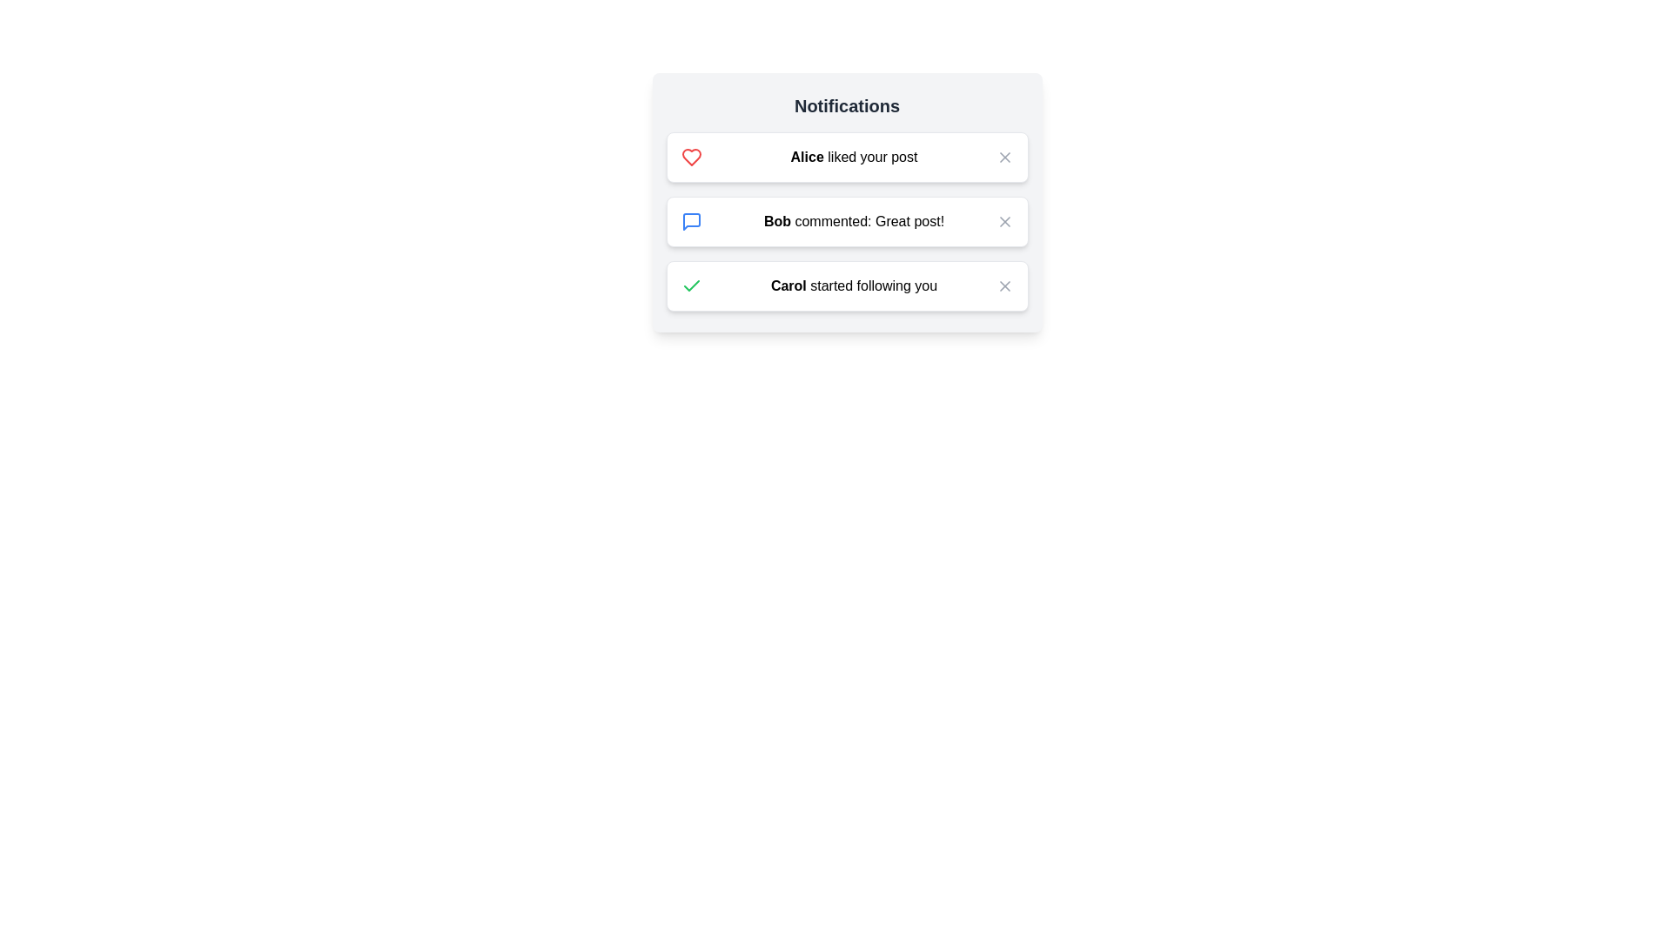 The image size is (1671, 940). I want to click on the 'X' icon, so click(1004, 158).